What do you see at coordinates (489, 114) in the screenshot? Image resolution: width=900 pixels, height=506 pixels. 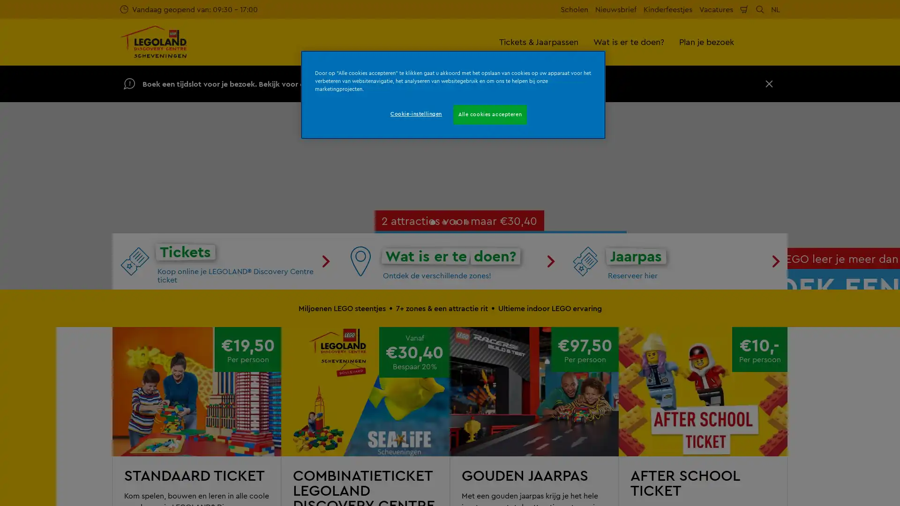 I see `Alle cookies accepteren` at bounding box center [489, 114].